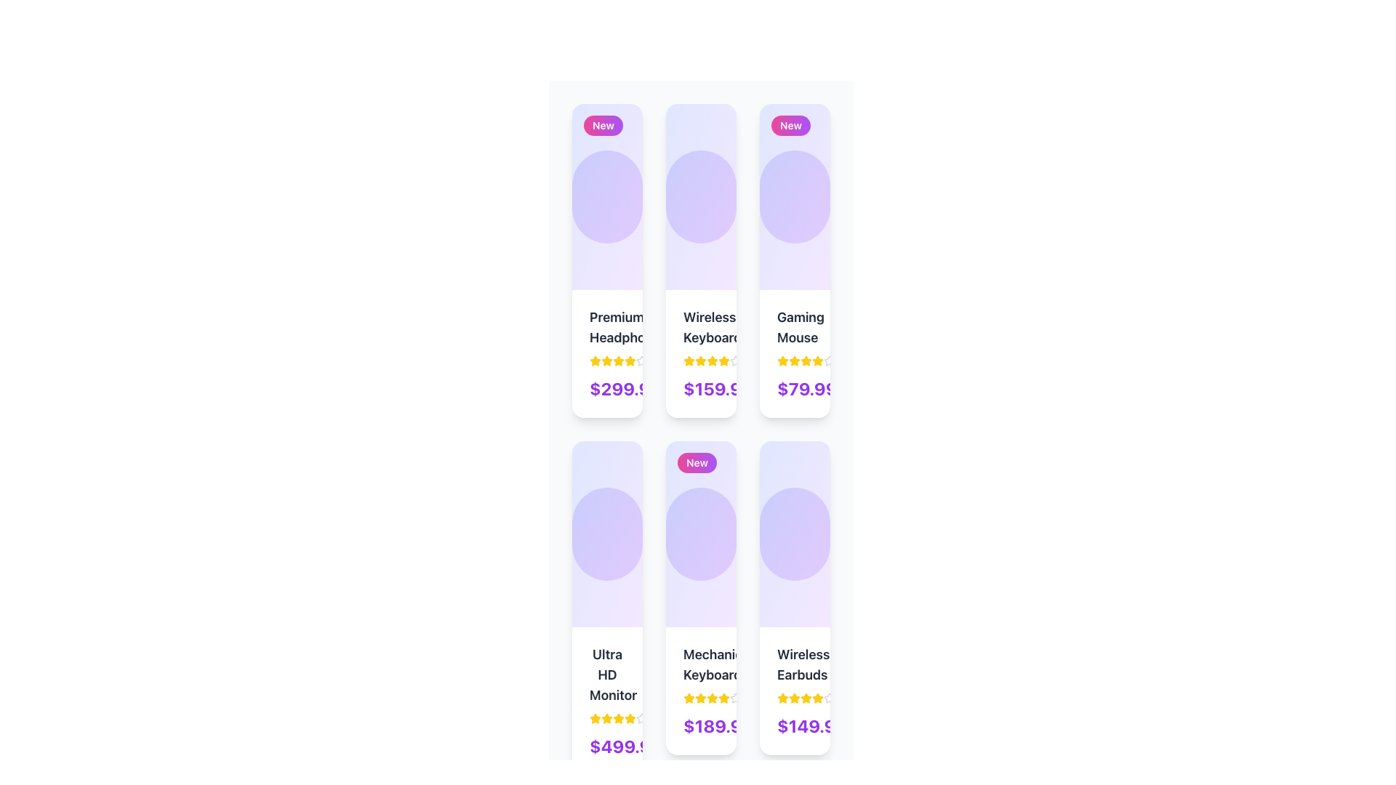 This screenshot has width=1396, height=785. What do you see at coordinates (794, 328) in the screenshot?
I see `the product title text label located on the third card in the top row of the grid layout, positioned near the top-center of the card, above the rating stars and price tag` at bounding box center [794, 328].